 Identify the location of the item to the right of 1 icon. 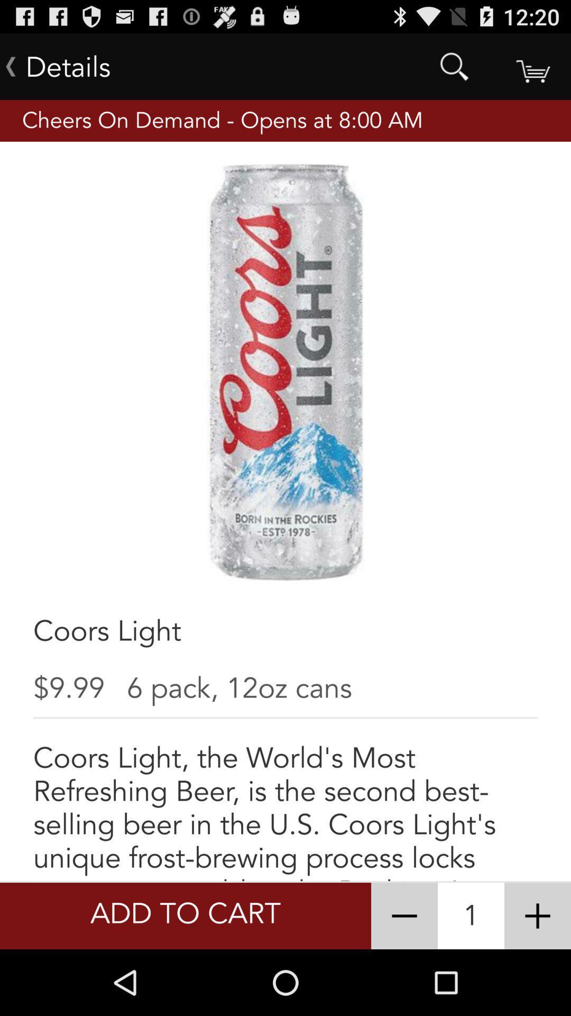
(538, 915).